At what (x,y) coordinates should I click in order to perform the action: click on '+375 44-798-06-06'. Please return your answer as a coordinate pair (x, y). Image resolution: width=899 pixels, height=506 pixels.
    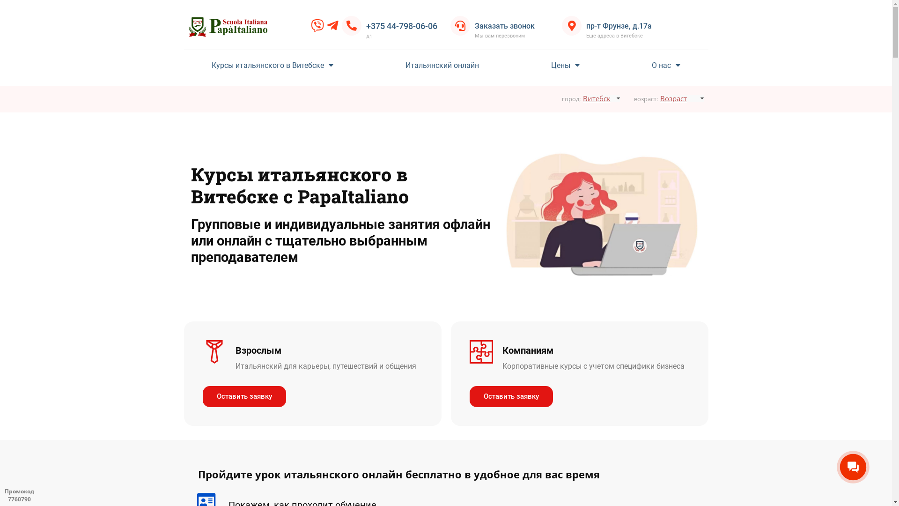
    Looking at the image, I should click on (402, 25).